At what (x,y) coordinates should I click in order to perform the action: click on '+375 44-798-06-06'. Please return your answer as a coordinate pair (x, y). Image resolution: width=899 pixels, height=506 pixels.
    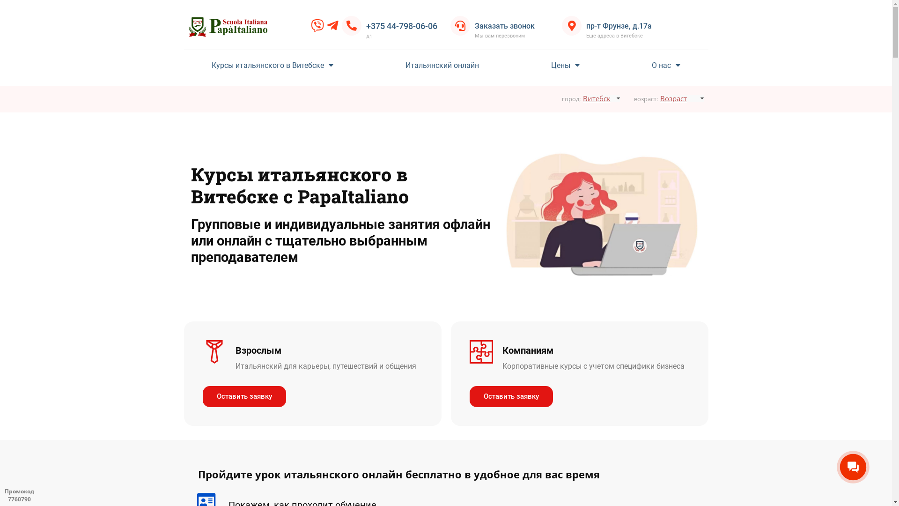
    Looking at the image, I should click on (402, 25).